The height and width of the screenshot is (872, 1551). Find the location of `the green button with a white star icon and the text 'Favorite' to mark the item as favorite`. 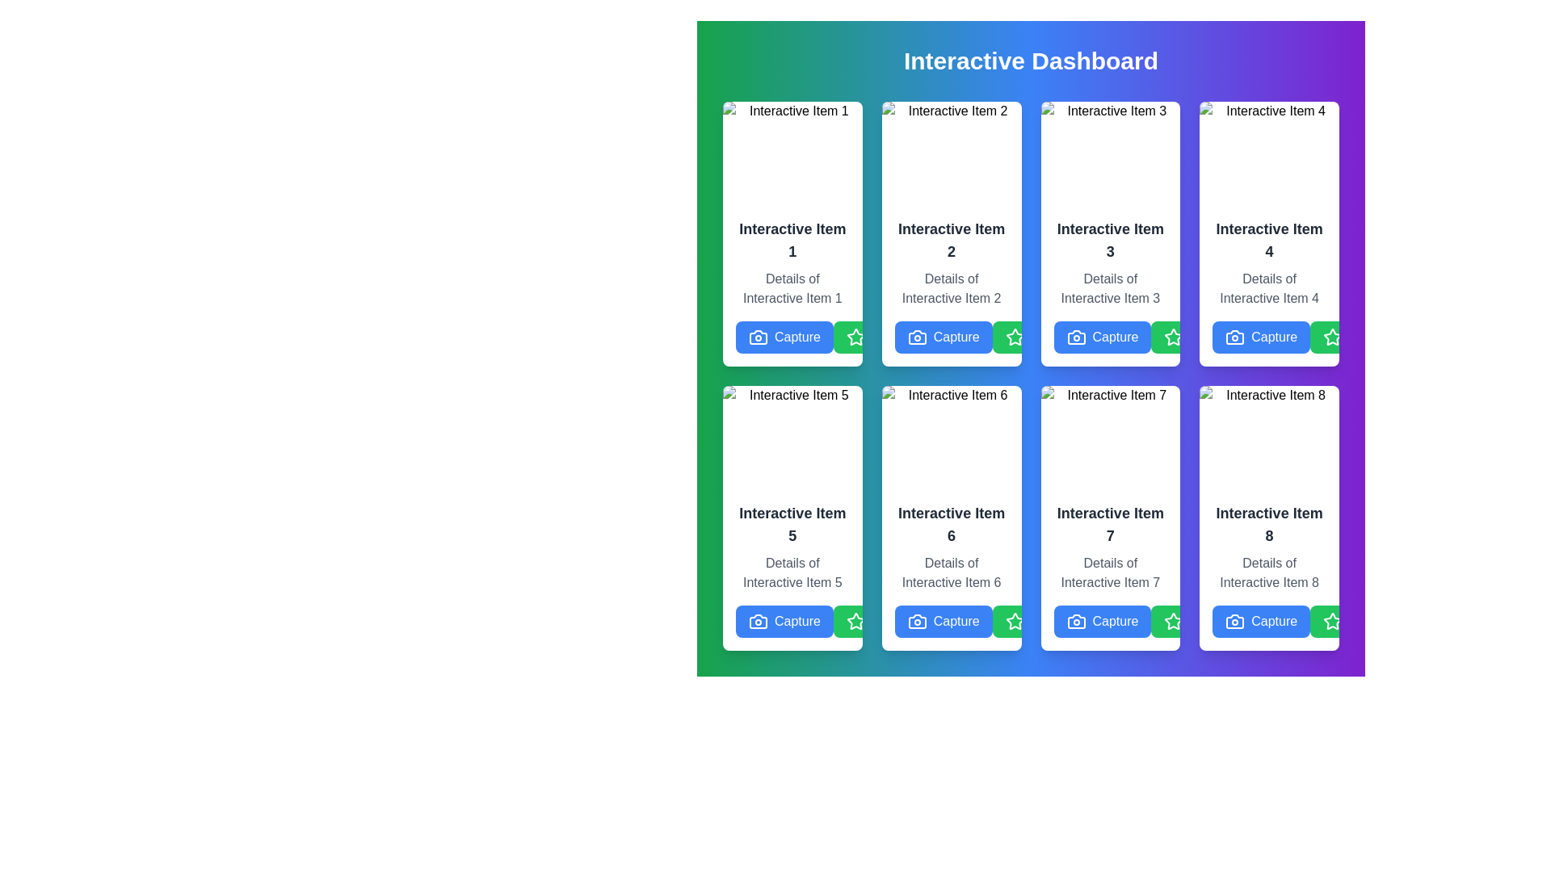

the green button with a white star icon and the text 'Favorite' to mark the item as favorite is located at coordinates (1200, 621).